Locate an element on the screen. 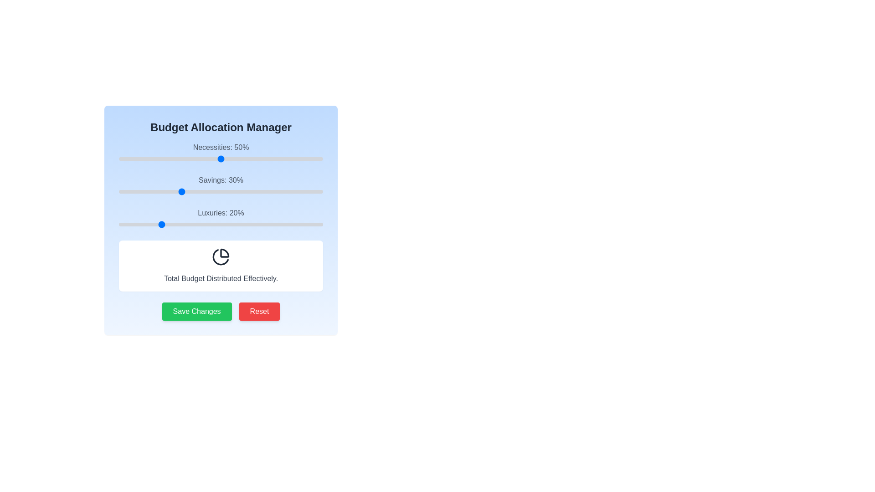 The height and width of the screenshot is (492, 875). the luxuries allocation is located at coordinates (313, 225).